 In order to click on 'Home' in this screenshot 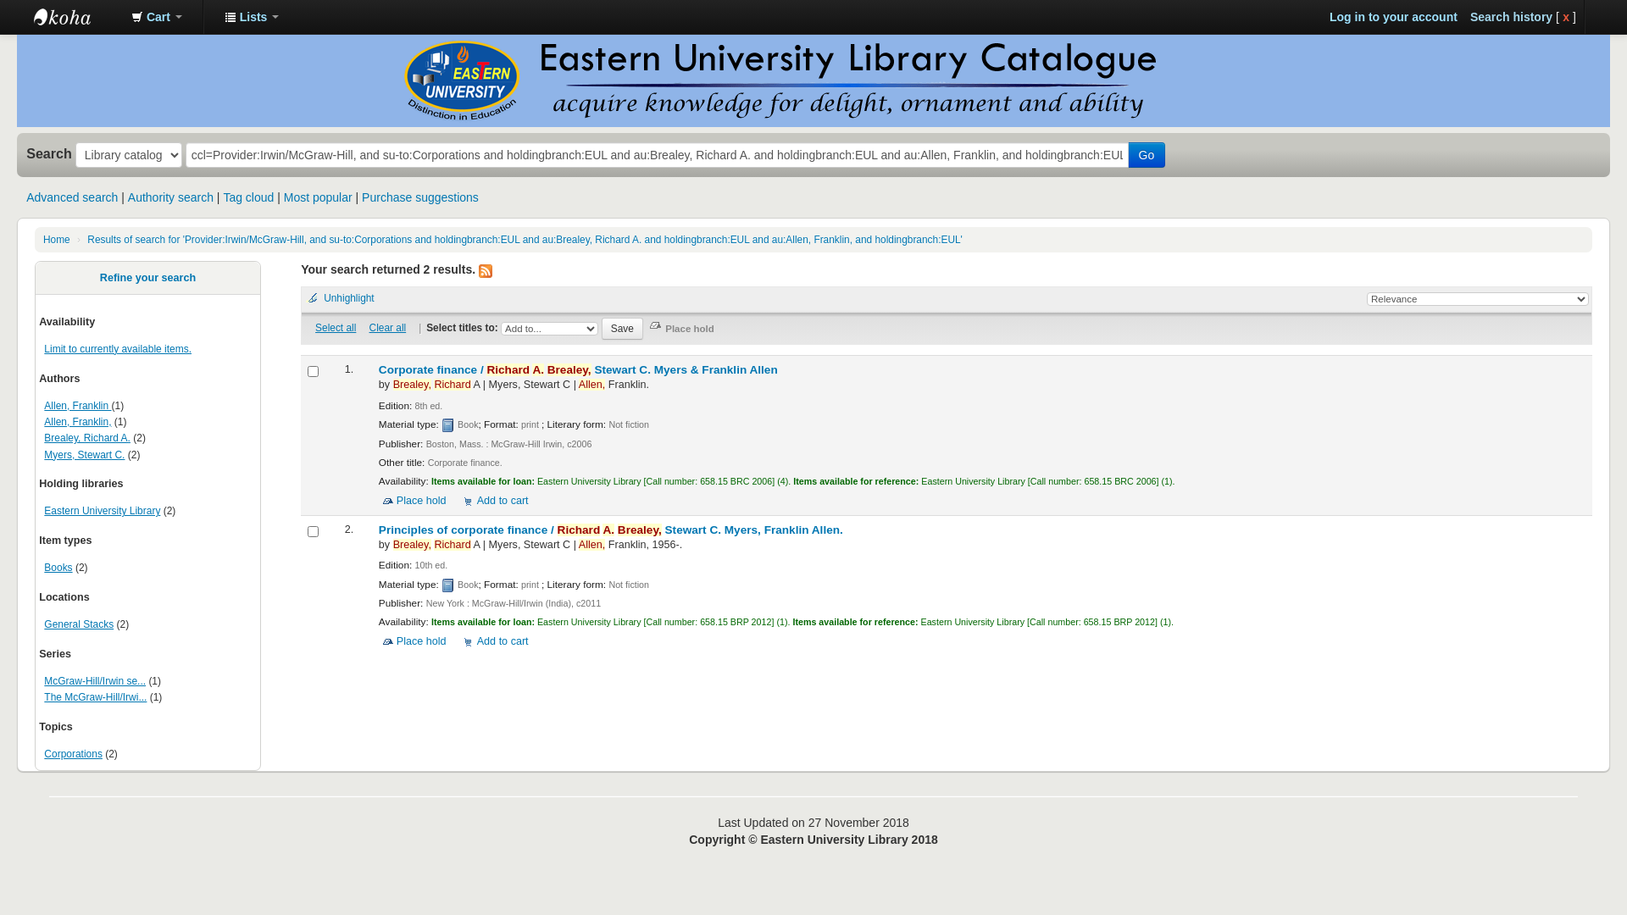, I will do `click(57, 239)`.